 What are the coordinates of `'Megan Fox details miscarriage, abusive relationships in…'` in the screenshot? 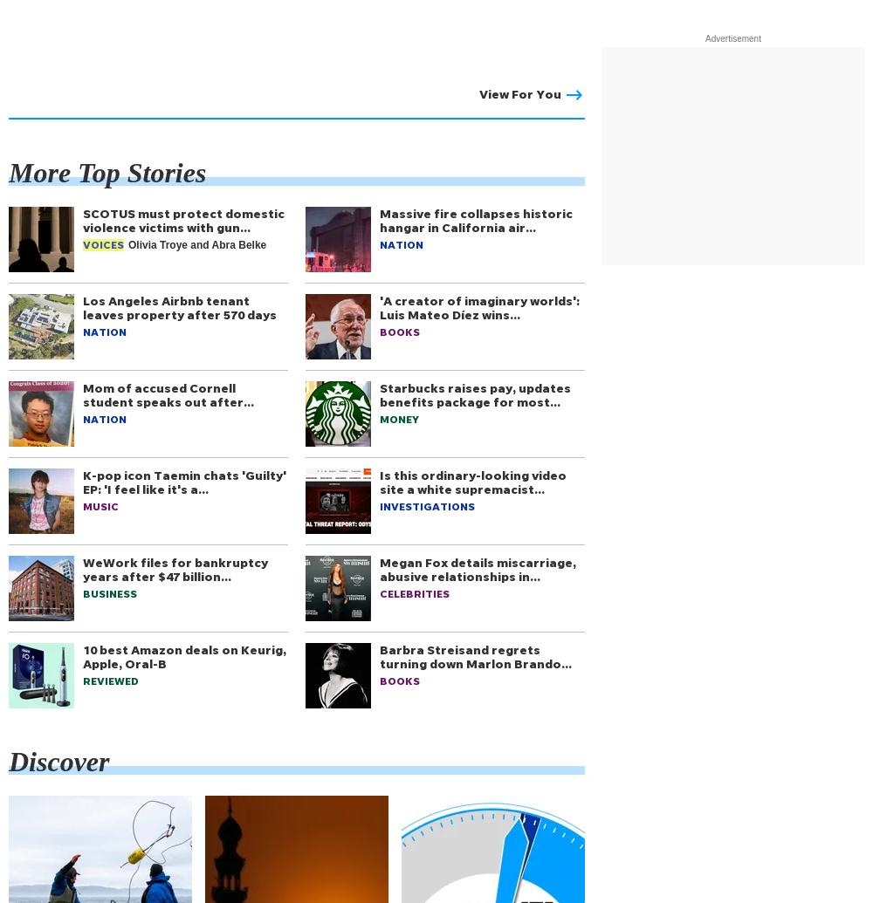 It's located at (478, 568).